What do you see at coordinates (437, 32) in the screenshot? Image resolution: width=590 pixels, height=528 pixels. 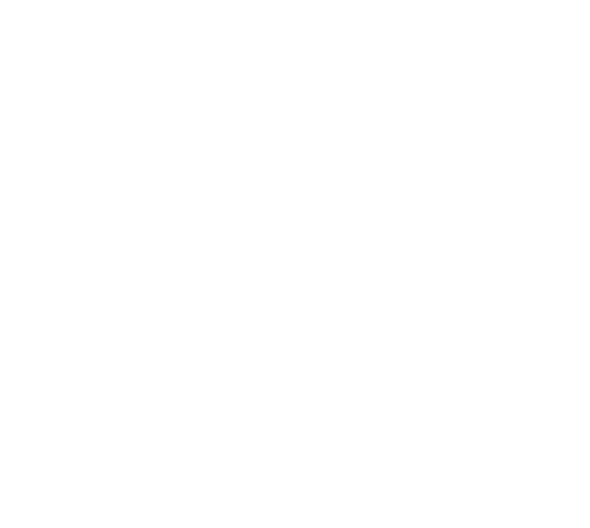 I see `'Managed Voice'` at bounding box center [437, 32].